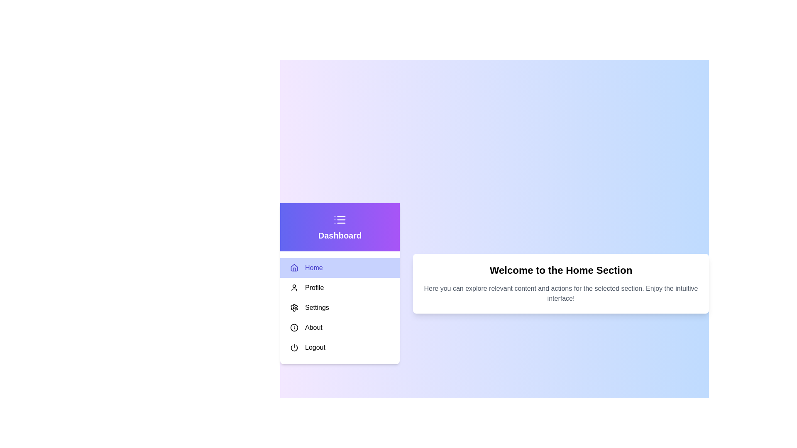 This screenshot has height=448, width=797. I want to click on the menu item About to select it, so click(340, 327).